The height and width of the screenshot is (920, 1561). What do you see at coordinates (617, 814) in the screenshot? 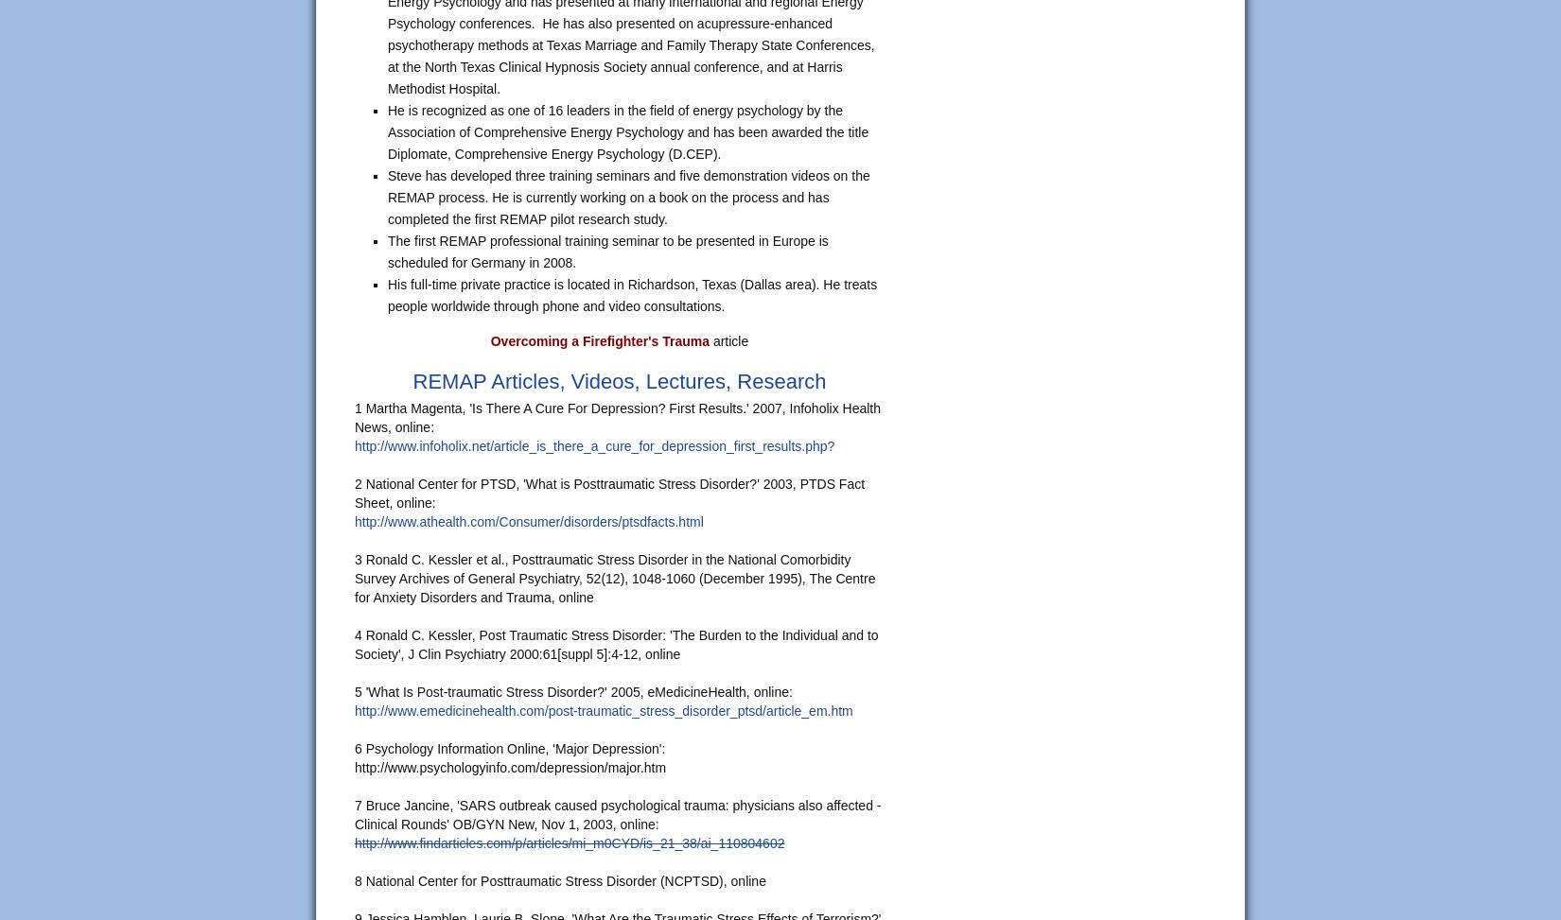
I see `'7 Bruce Jancine, 'SARS outbreak caused psychological trauma: physicians also affected - Clinical Rounds' OB/GYN New, Nov 1, 2003, online:'` at bounding box center [617, 814].